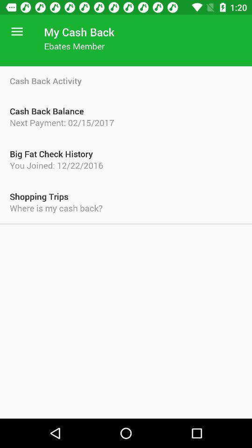 The height and width of the screenshot is (448, 252). Describe the element at coordinates (126, 165) in the screenshot. I see `the you joined 12 icon` at that location.